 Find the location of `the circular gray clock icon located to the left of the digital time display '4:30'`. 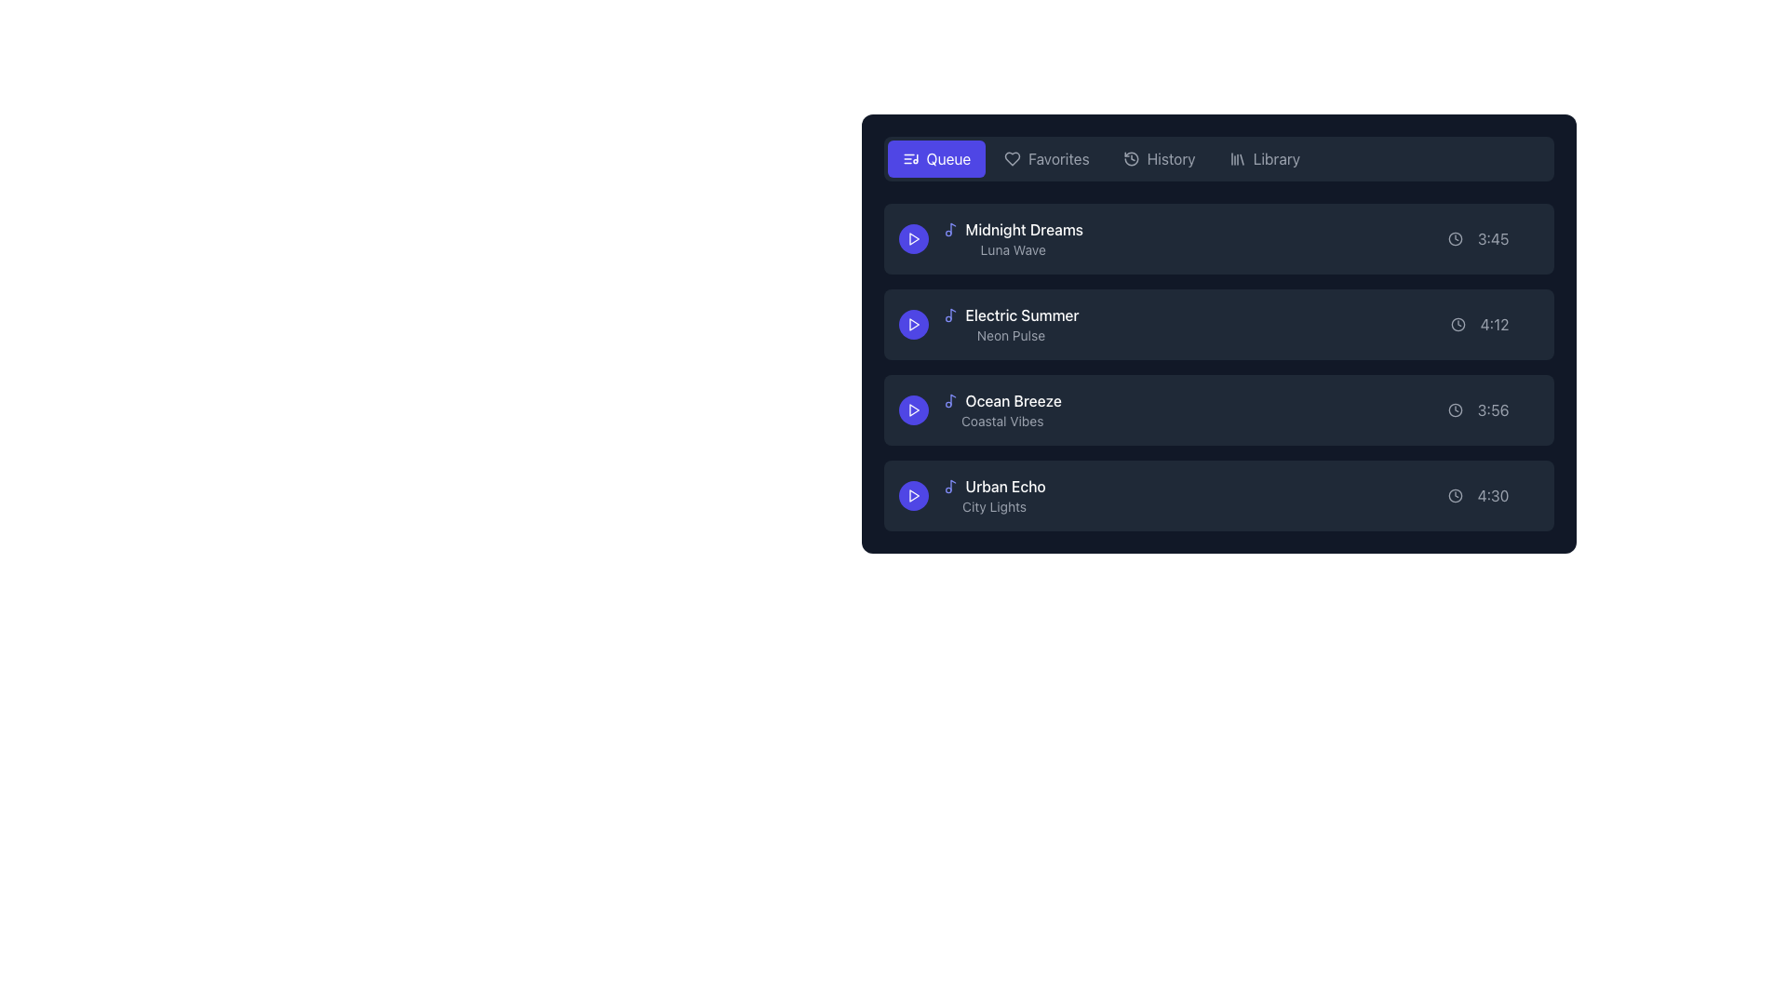

the circular gray clock icon located to the left of the digital time display '4:30' is located at coordinates (1454, 494).